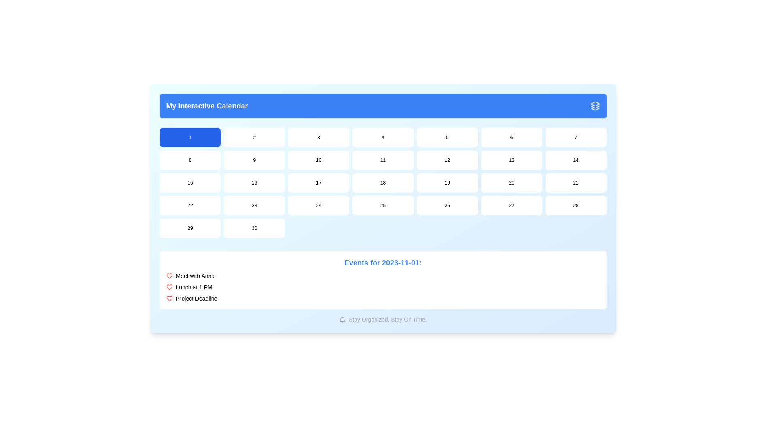 The height and width of the screenshot is (437, 777). Describe the element at coordinates (254, 182) in the screenshot. I see `the button representing the date '16' in the calendar interface` at that location.